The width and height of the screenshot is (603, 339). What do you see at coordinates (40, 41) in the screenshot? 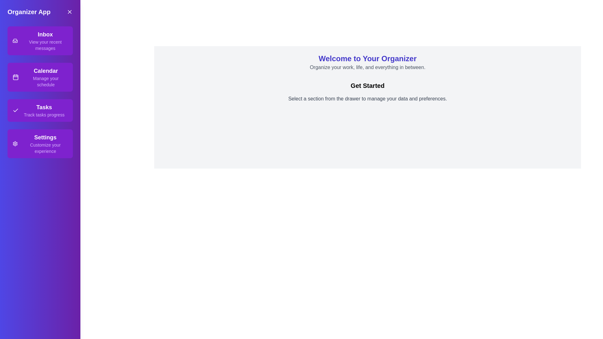
I see `the section labeled Inbox in the drawer to observe the visual feedback` at bounding box center [40, 41].